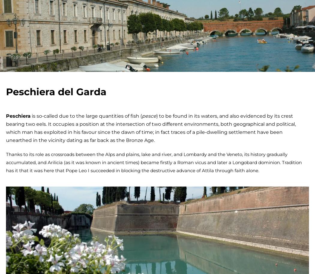  What do you see at coordinates (104, 217) in the screenshot?
I see `'unmissable'` at bounding box center [104, 217].